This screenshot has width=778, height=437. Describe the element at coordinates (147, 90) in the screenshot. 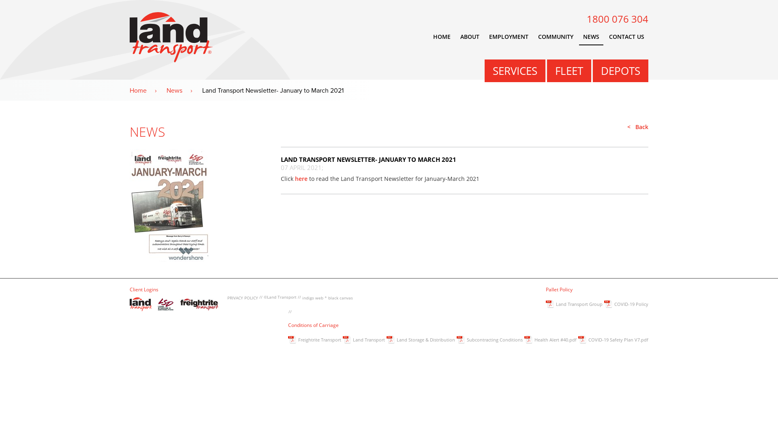

I see `'Home'` at that location.